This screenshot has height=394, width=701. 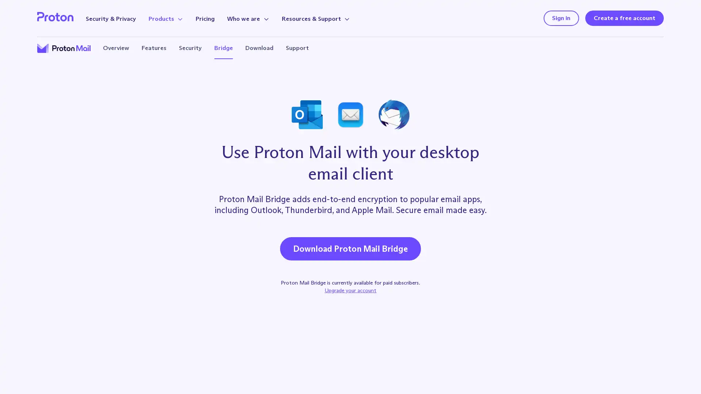 What do you see at coordinates (315, 18) in the screenshot?
I see `Resources & Support` at bounding box center [315, 18].